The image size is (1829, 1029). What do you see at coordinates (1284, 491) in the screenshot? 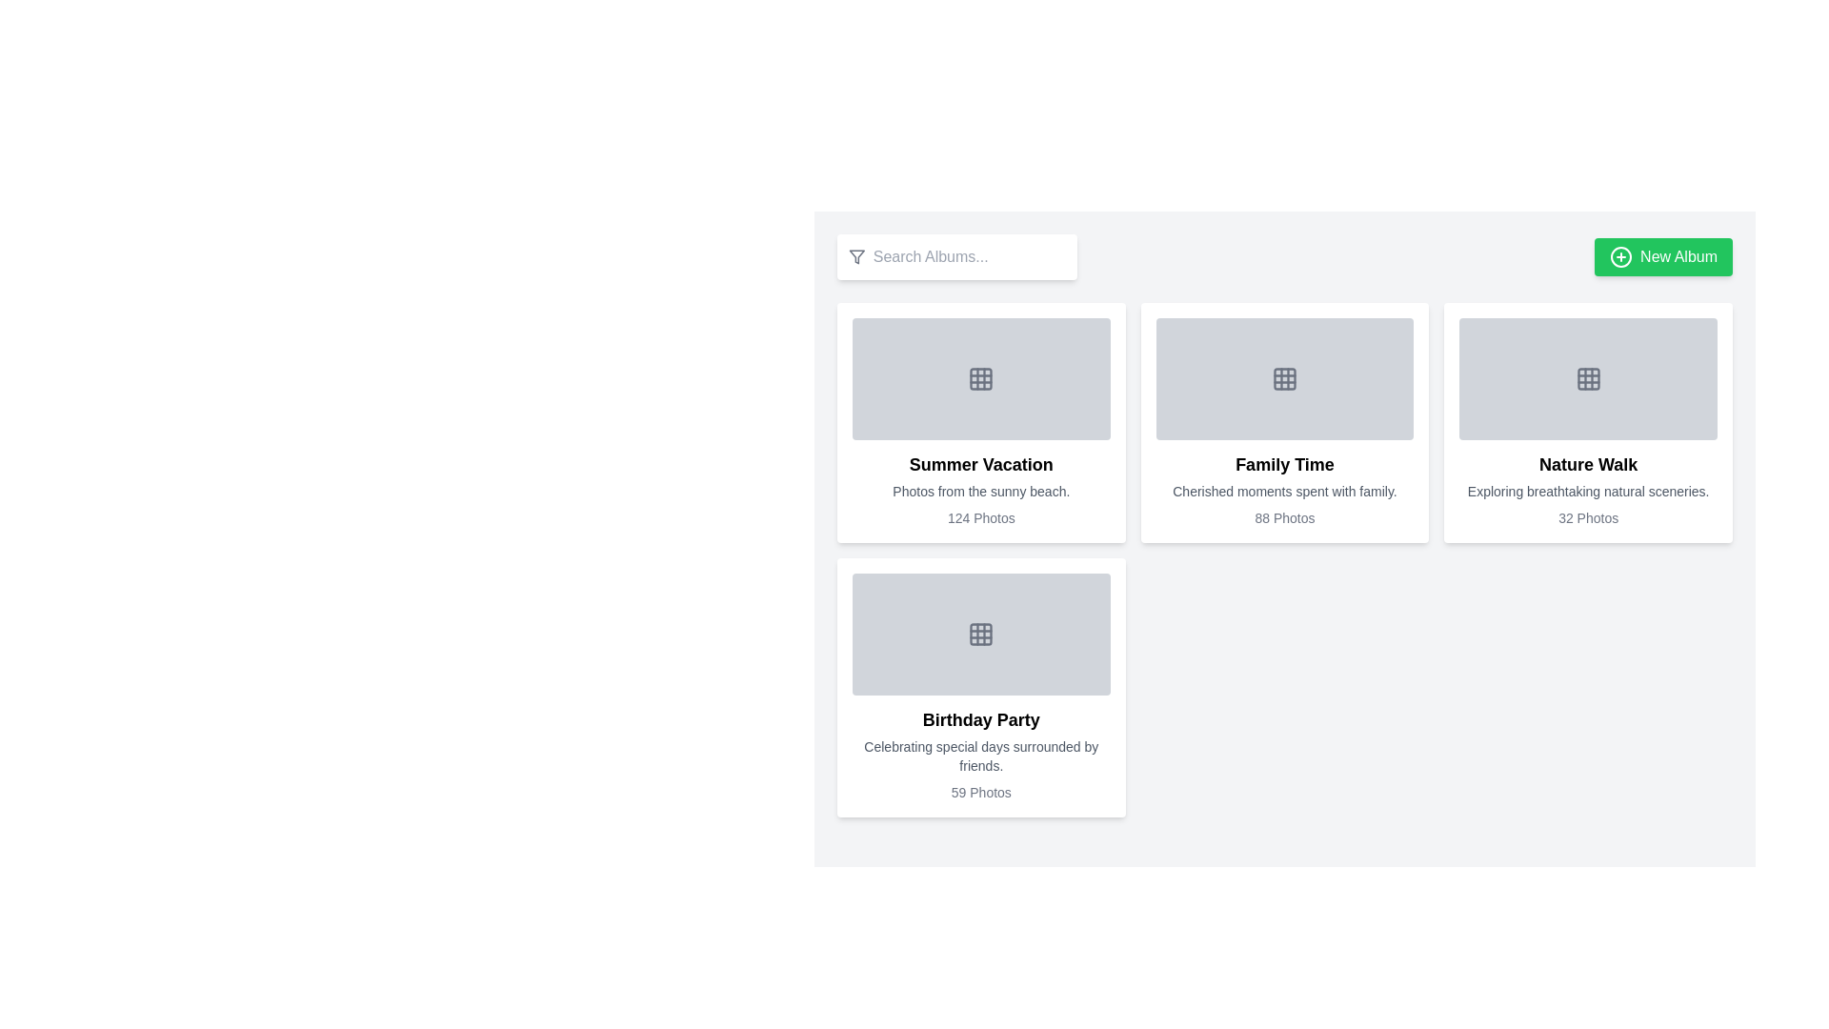
I see `text in the second text block of the 'Family Time' card, which provides context and narrative for the photo album` at bounding box center [1284, 491].